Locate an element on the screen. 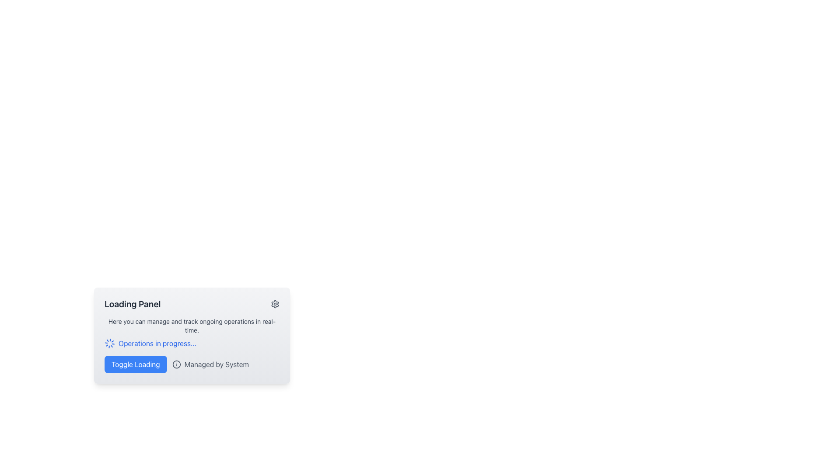  the text 'Managed by System' which is located to the right of the 'Toggle Loading' button and accompanied by an information icon is located at coordinates (210, 364).